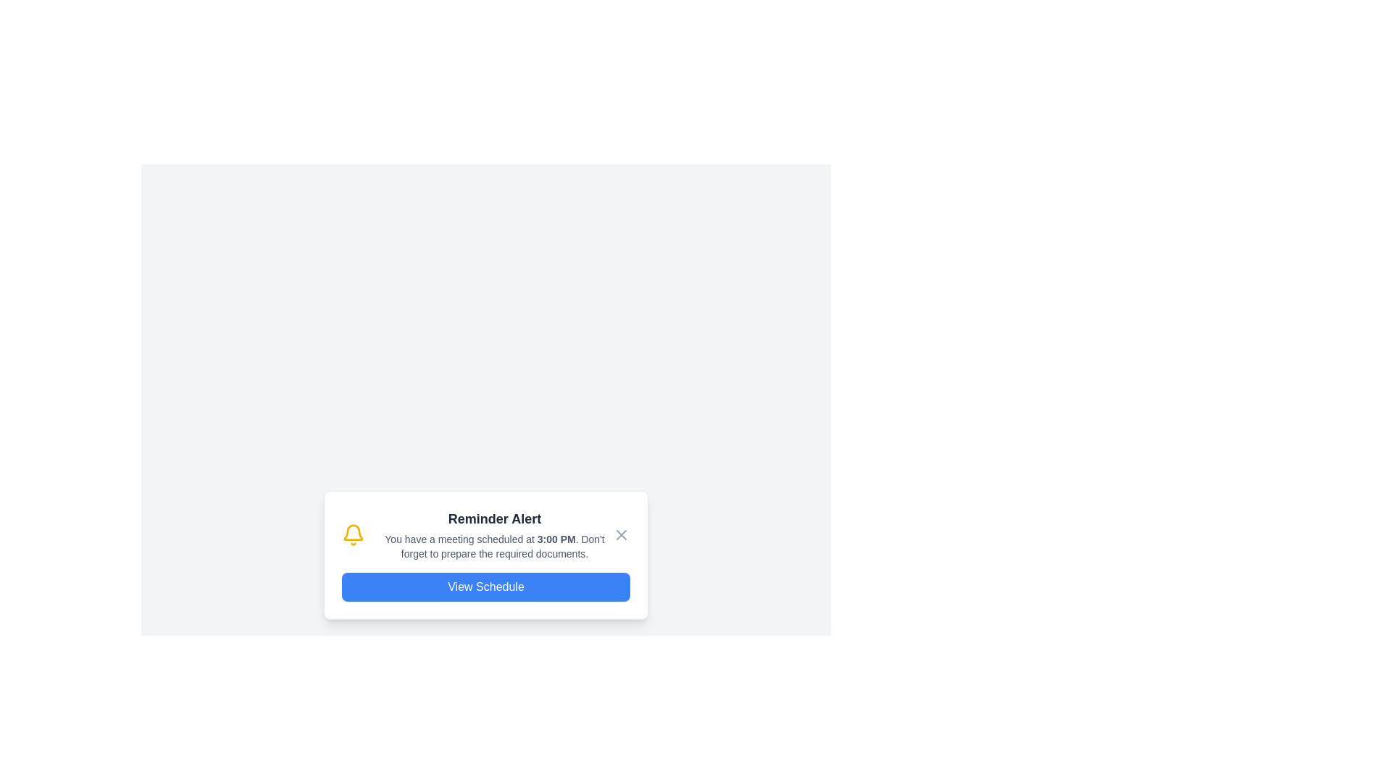 Image resolution: width=1391 pixels, height=782 pixels. What do you see at coordinates (622, 535) in the screenshot?
I see `the diagonal cross icon located in the top-right corner of the notification card to interact with it` at bounding box center [622, 535].